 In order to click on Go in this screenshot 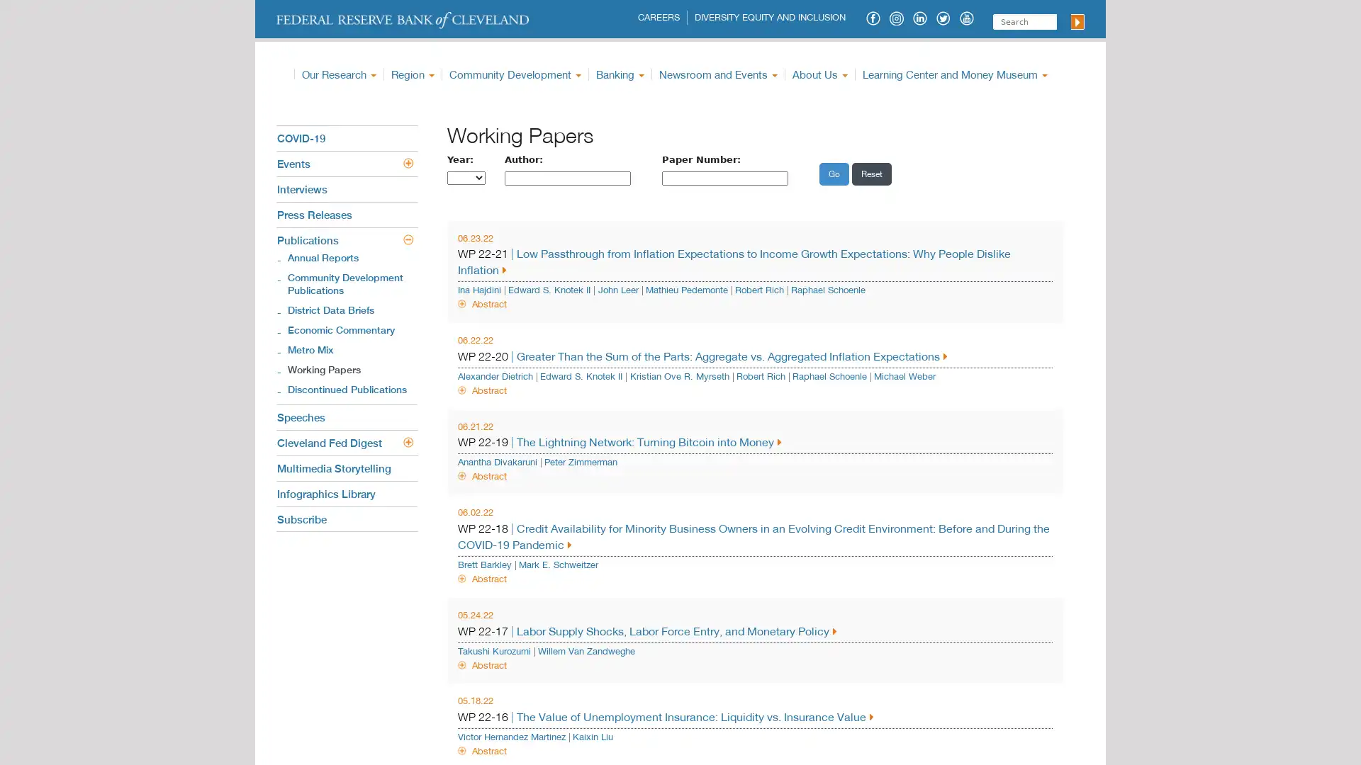, I will do `click(834, 173)`.